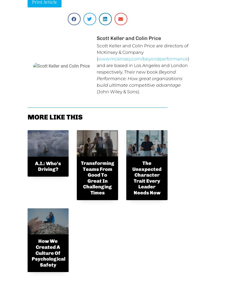 This screenshot has height=289, width=246. I want to click on 'Beyond Performance: How great organizations build ultimate competitive advantage', so click(96, 78).